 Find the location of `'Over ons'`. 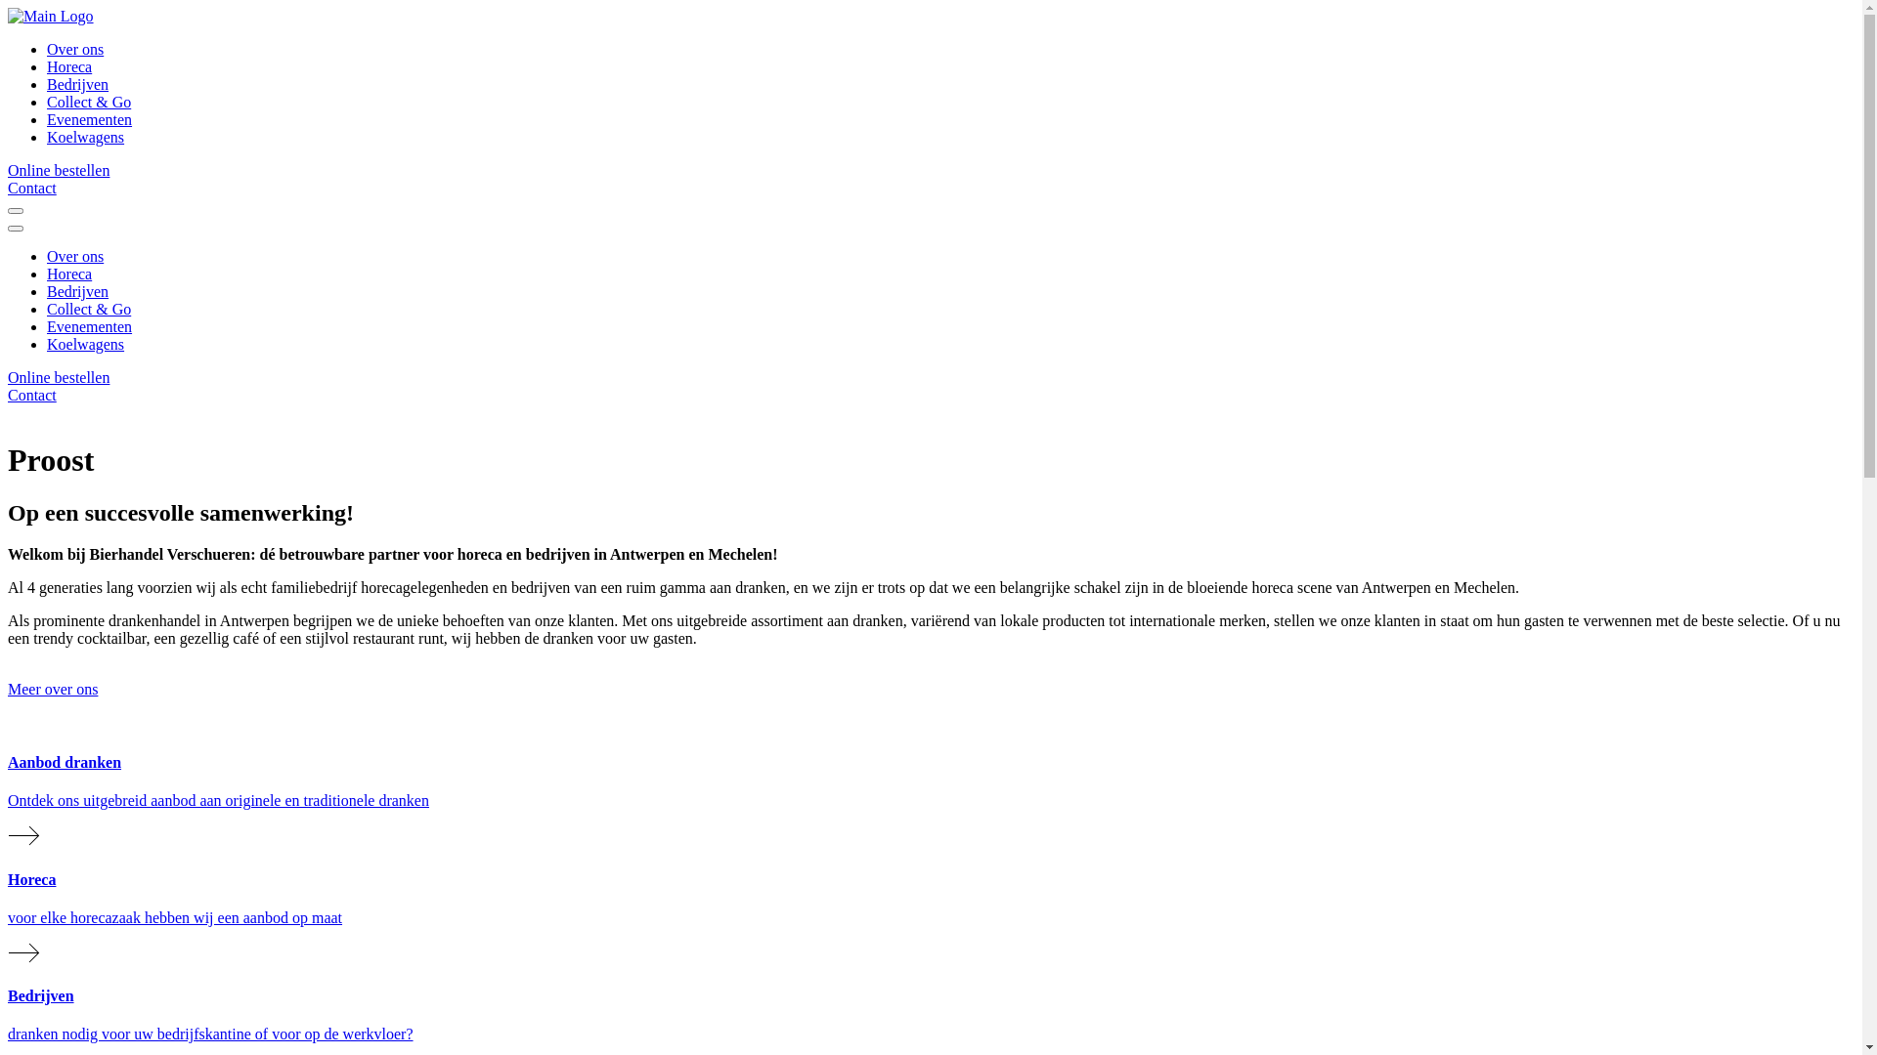

'Over ons' is located at coordinates (74, 48).